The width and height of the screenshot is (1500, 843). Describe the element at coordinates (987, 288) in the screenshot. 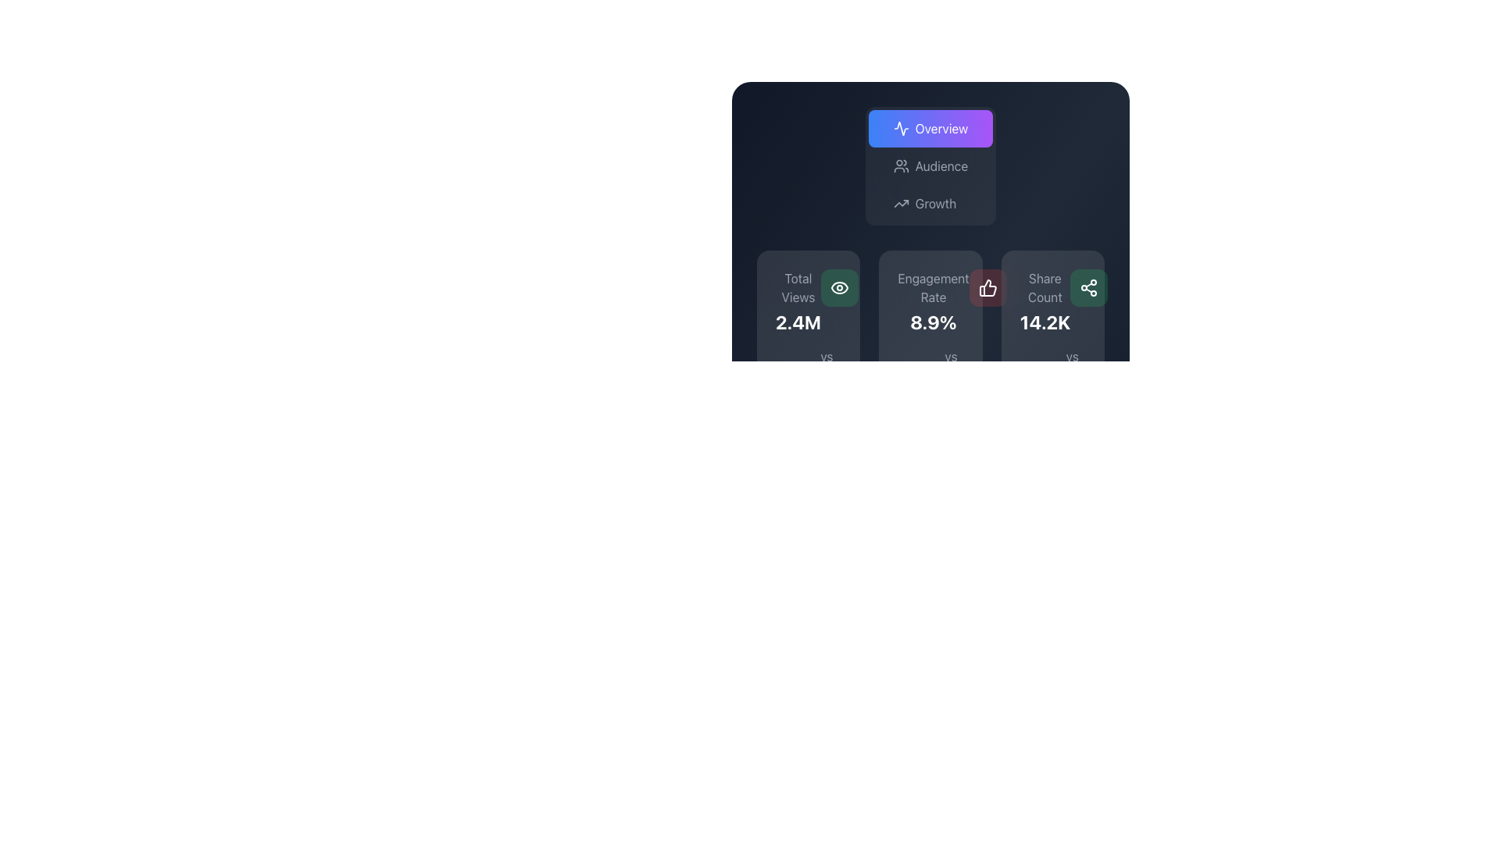

I see `the decorative icon associated with the 'Engagement Rate 8.9%' section, which is positioned towards the right side of the numeric text '8.9%'` at that location.